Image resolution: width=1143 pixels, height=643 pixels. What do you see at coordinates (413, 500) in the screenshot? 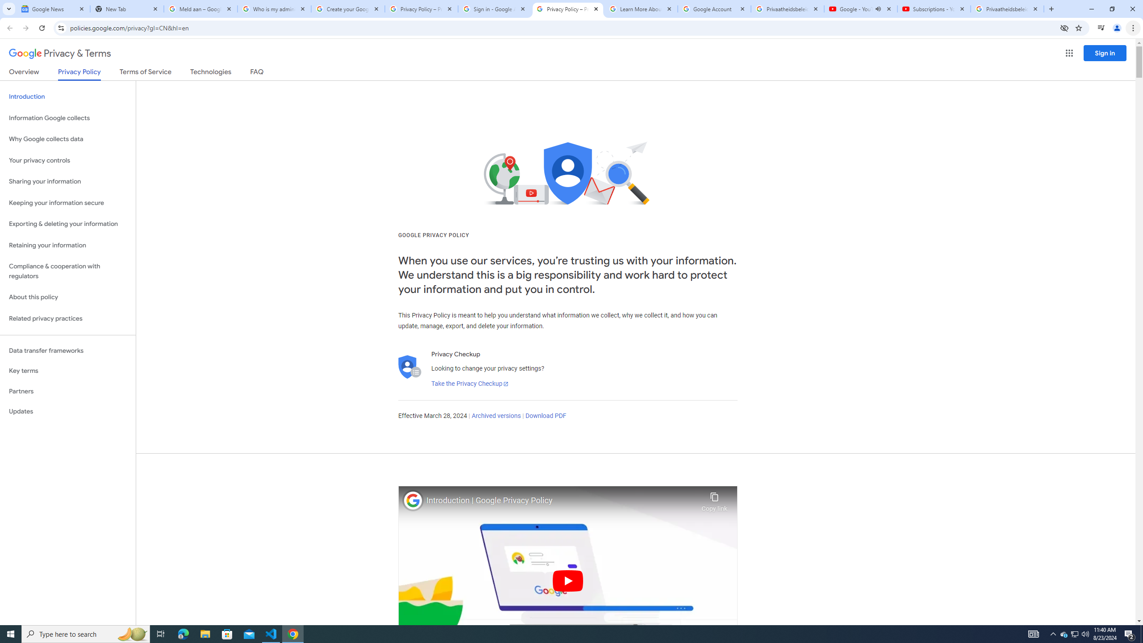
I see `'Photo image of Google'` at bounding box center [413, 500].